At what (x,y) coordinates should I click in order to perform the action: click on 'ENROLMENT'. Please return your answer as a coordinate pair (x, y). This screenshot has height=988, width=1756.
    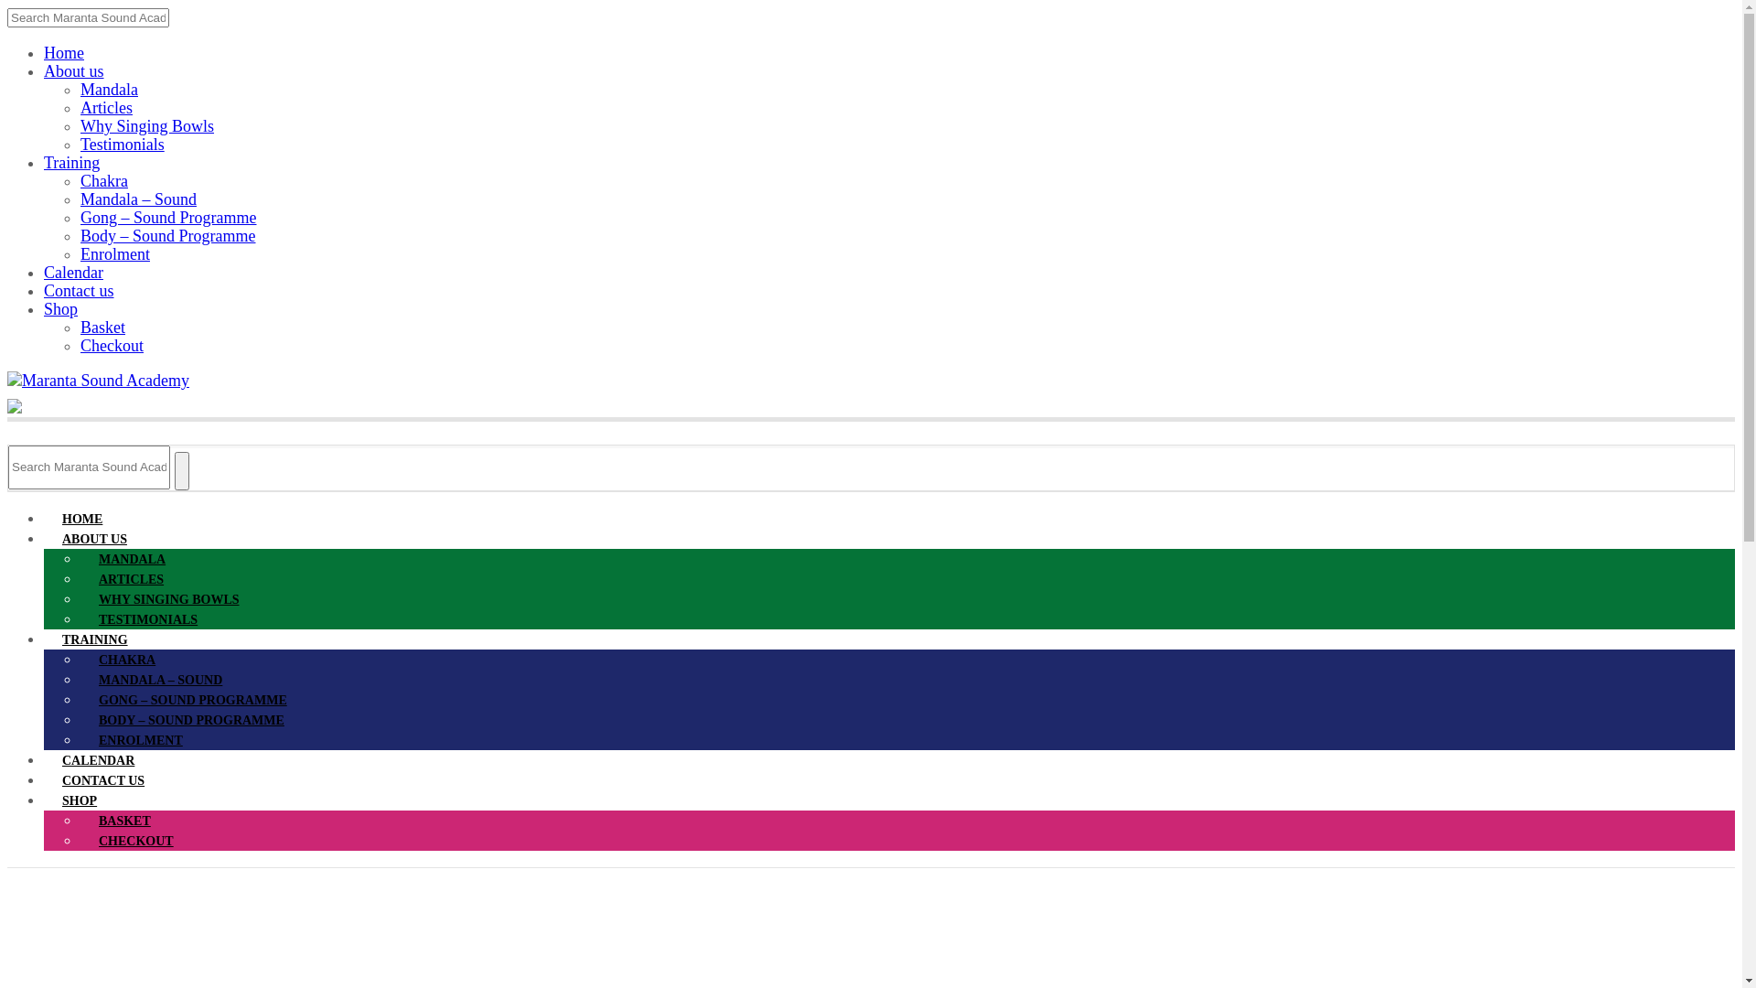
    Looking at the image, I should click on (79, 739).